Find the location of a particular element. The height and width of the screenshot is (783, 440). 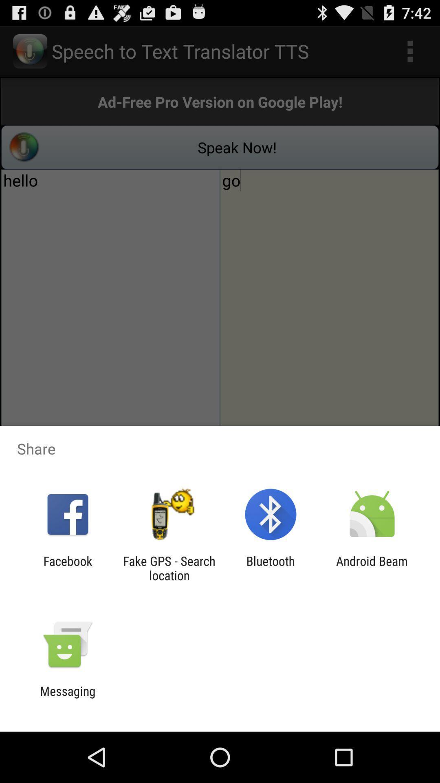

bluetooth is located at coordinates (271, 568).